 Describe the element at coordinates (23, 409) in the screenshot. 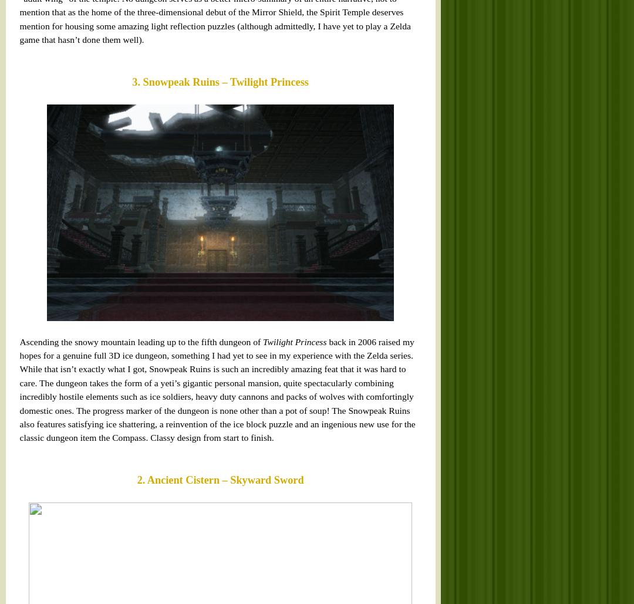

I see `'Palace of Twilight – Twilight Princess'` at that location.